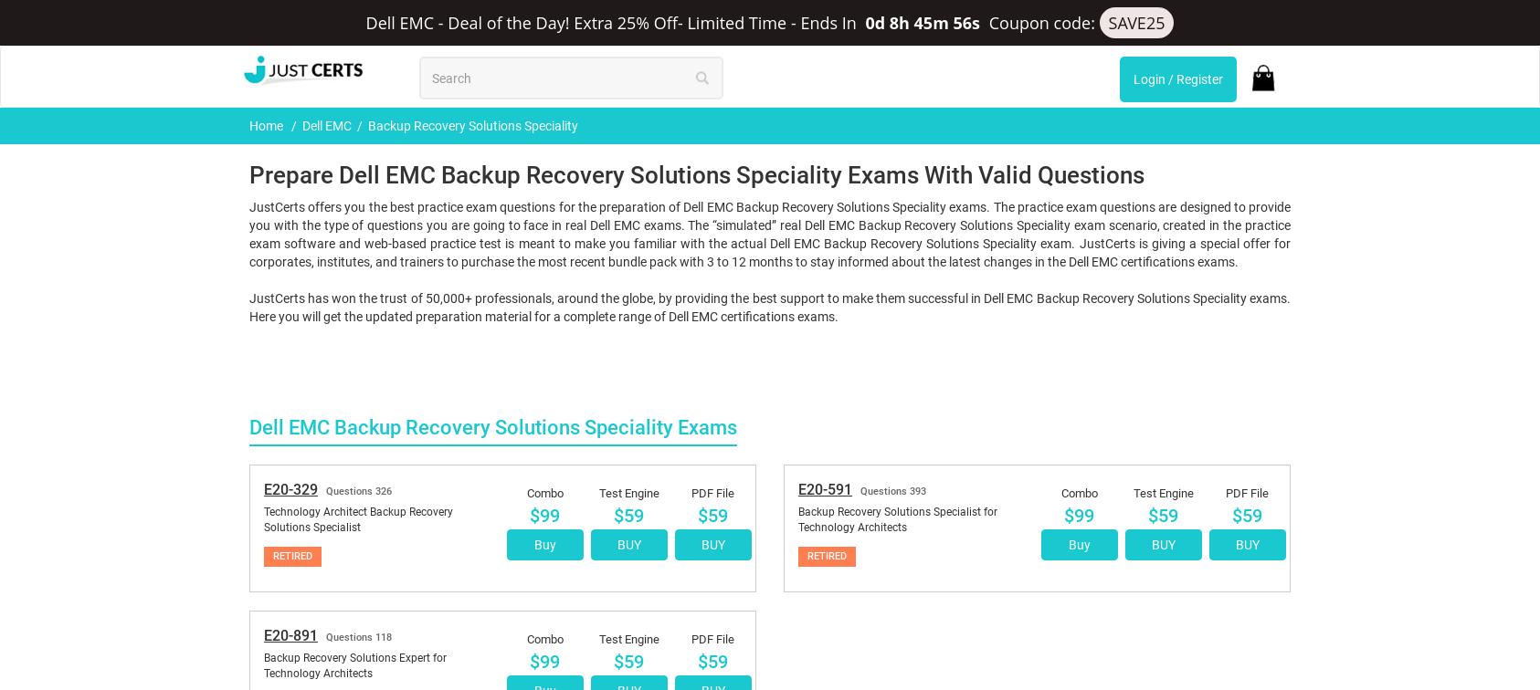 The height and width of the screenshot is (690, 1540). What do you see at coordinates (527, 660) in the screenshot?
I see `'Success in the Dell EMC Backup Recovery Solutions Speciality Certification Exams'` at bounding box center [527, 660].